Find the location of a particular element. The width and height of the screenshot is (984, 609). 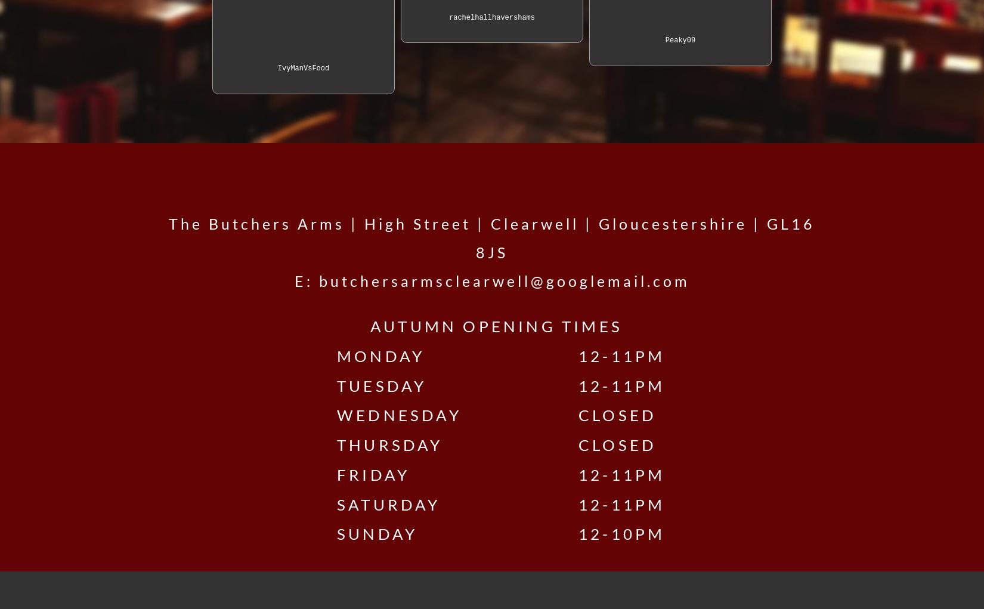

'IvyManVsFood' is located at coordinates (302, 67).